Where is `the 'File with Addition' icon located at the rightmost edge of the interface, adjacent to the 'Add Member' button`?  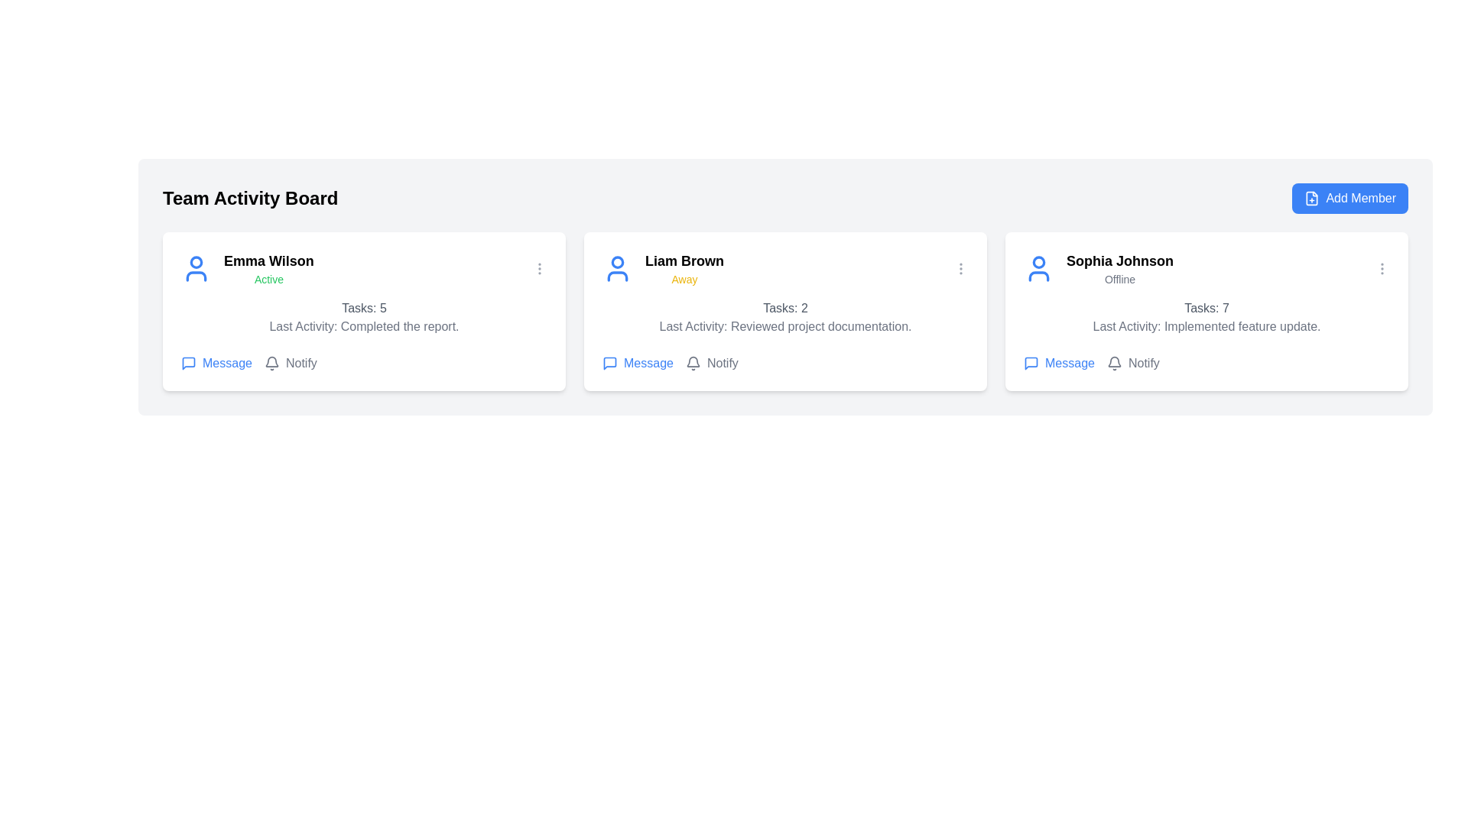
the 'File with Addition' icon located at the rightmost edge of the interface, adjacent to the 'Add Member' button is located at coordinates (1311, 197).